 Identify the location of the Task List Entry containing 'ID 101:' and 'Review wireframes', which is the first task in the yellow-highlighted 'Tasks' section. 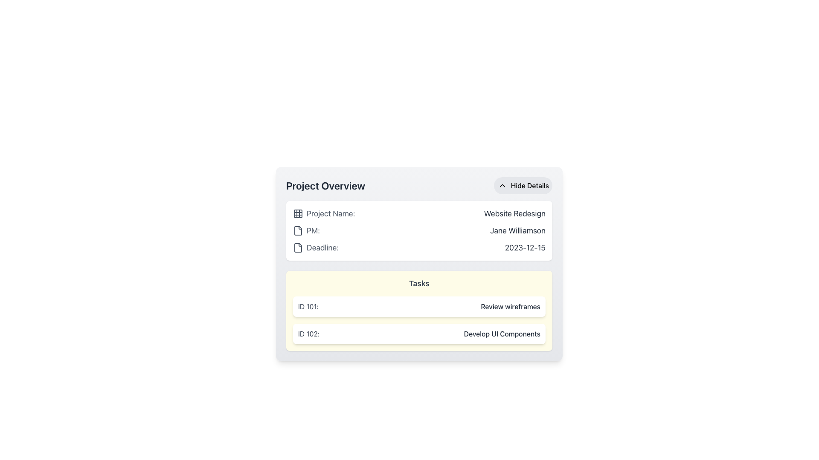
(419, 307).